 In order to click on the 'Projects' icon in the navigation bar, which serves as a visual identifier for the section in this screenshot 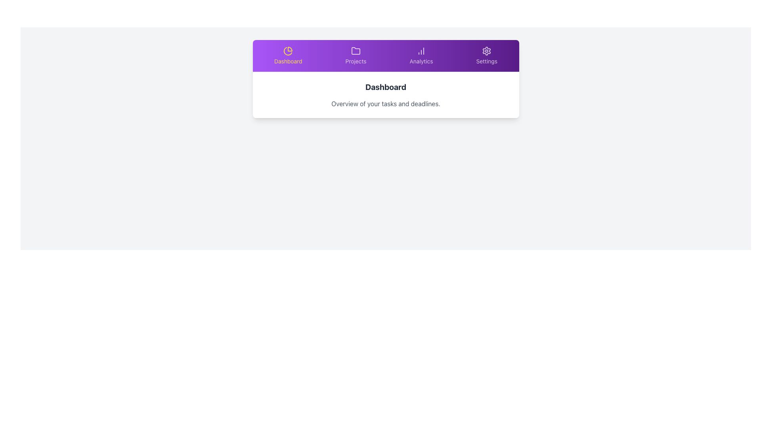, I will do `click(355, 51)`.